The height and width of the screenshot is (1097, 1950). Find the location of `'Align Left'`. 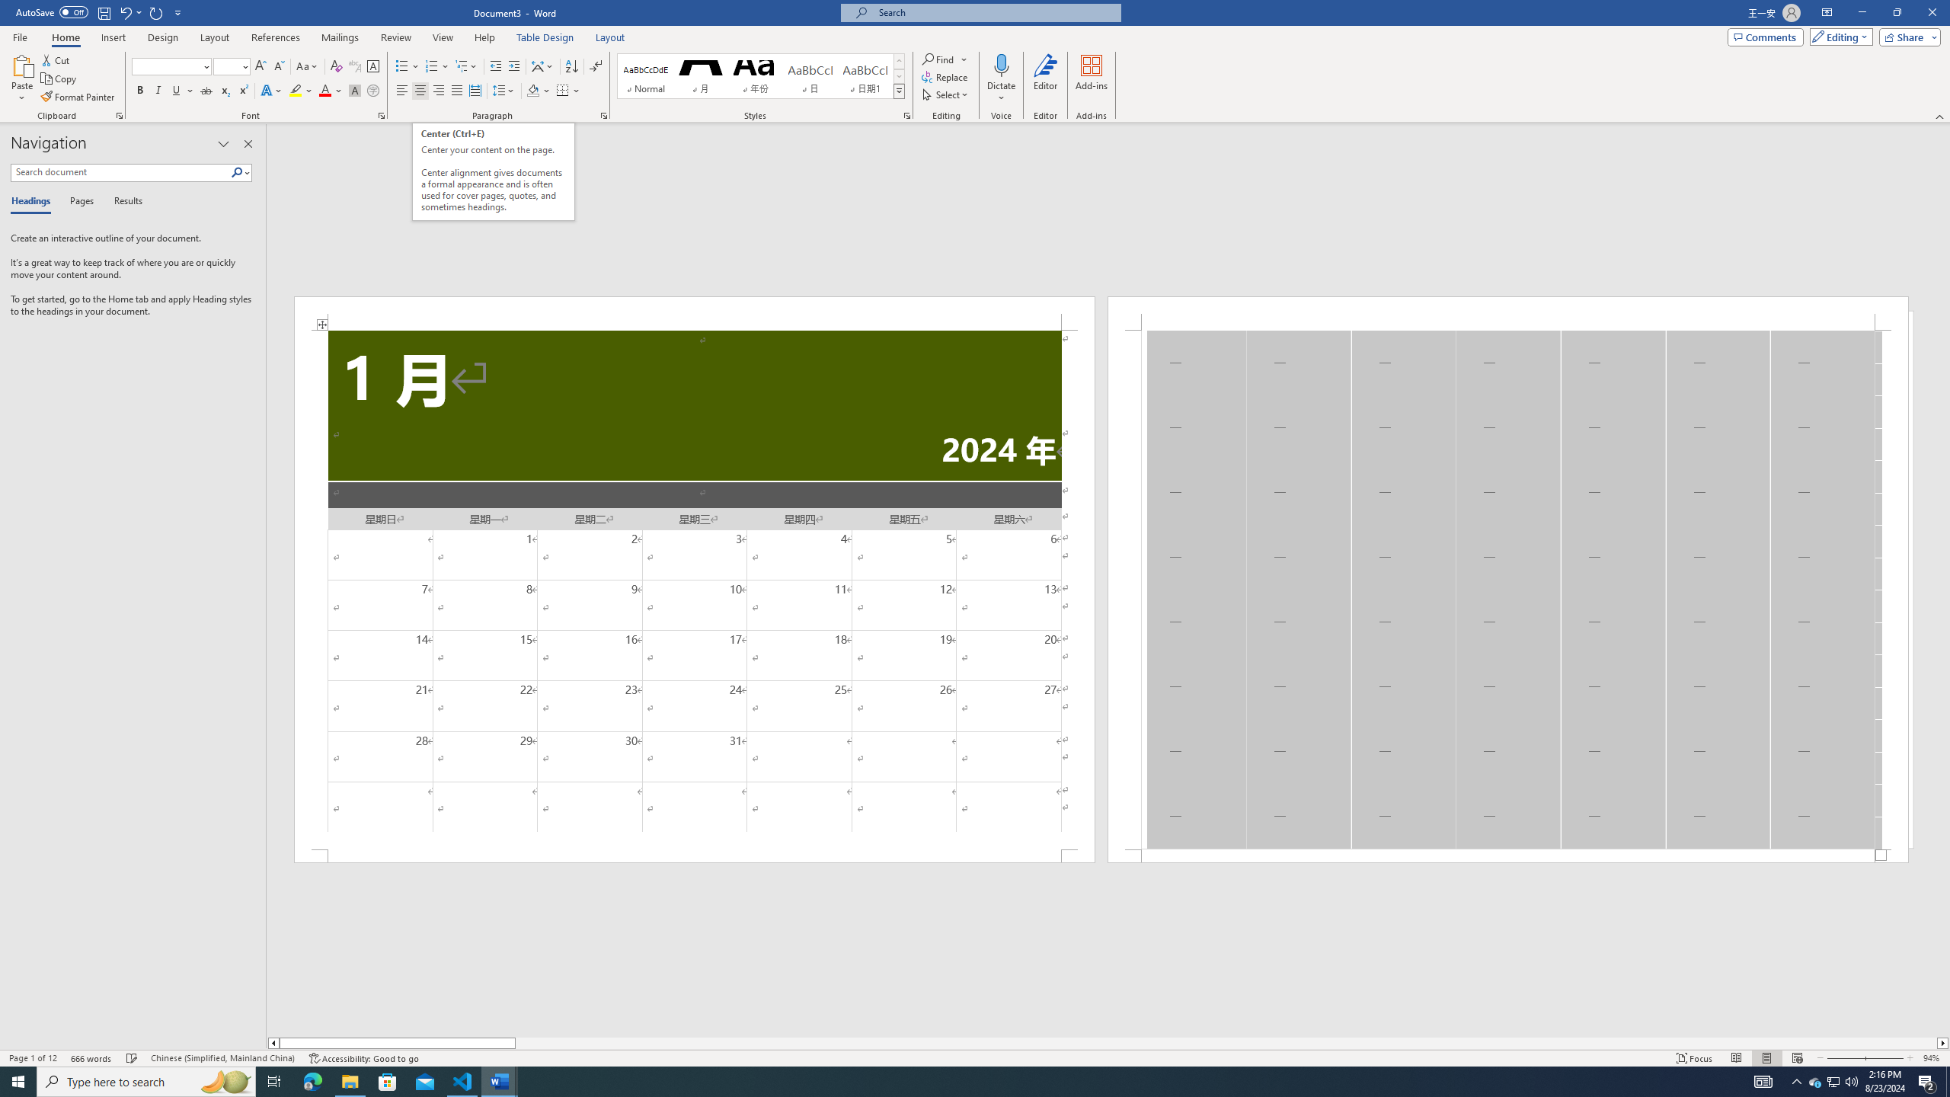

'Align Left' is located at coordinates (401, 90).